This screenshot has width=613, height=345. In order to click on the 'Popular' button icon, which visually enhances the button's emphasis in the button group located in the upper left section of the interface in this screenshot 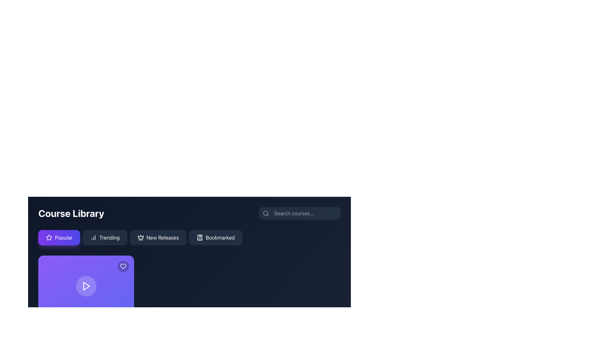, I will do `click(49, 238)`.